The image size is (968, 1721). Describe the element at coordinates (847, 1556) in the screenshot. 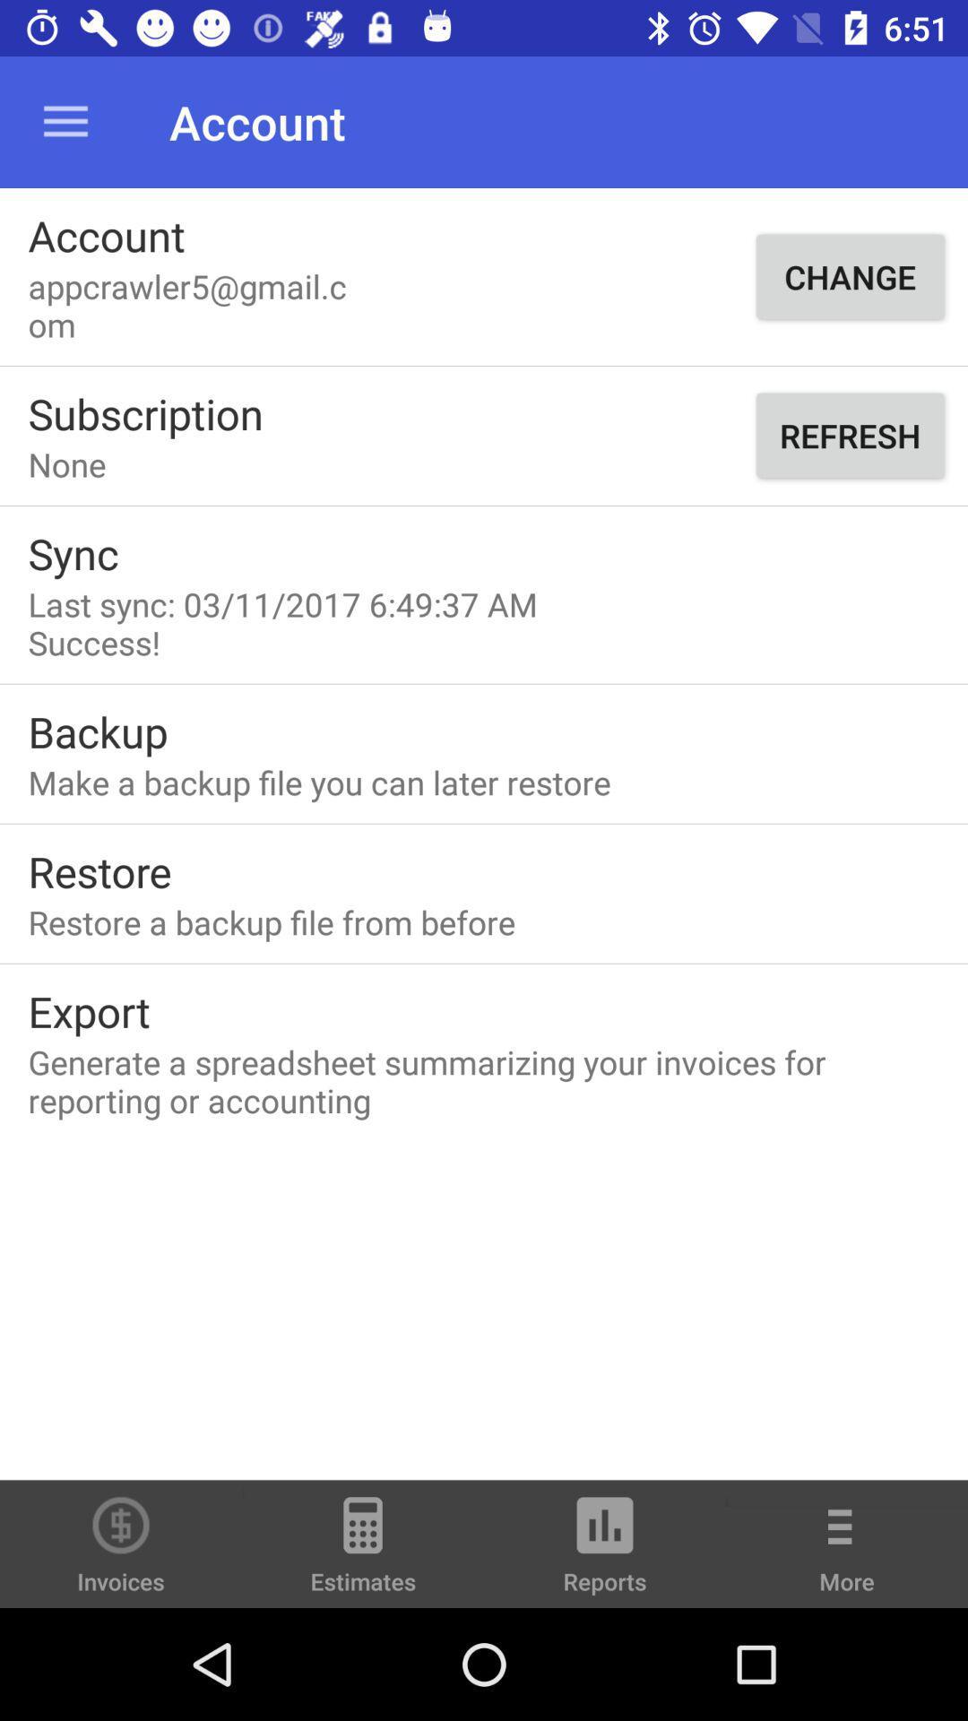

I see `icon to the right of reports item` at that location.